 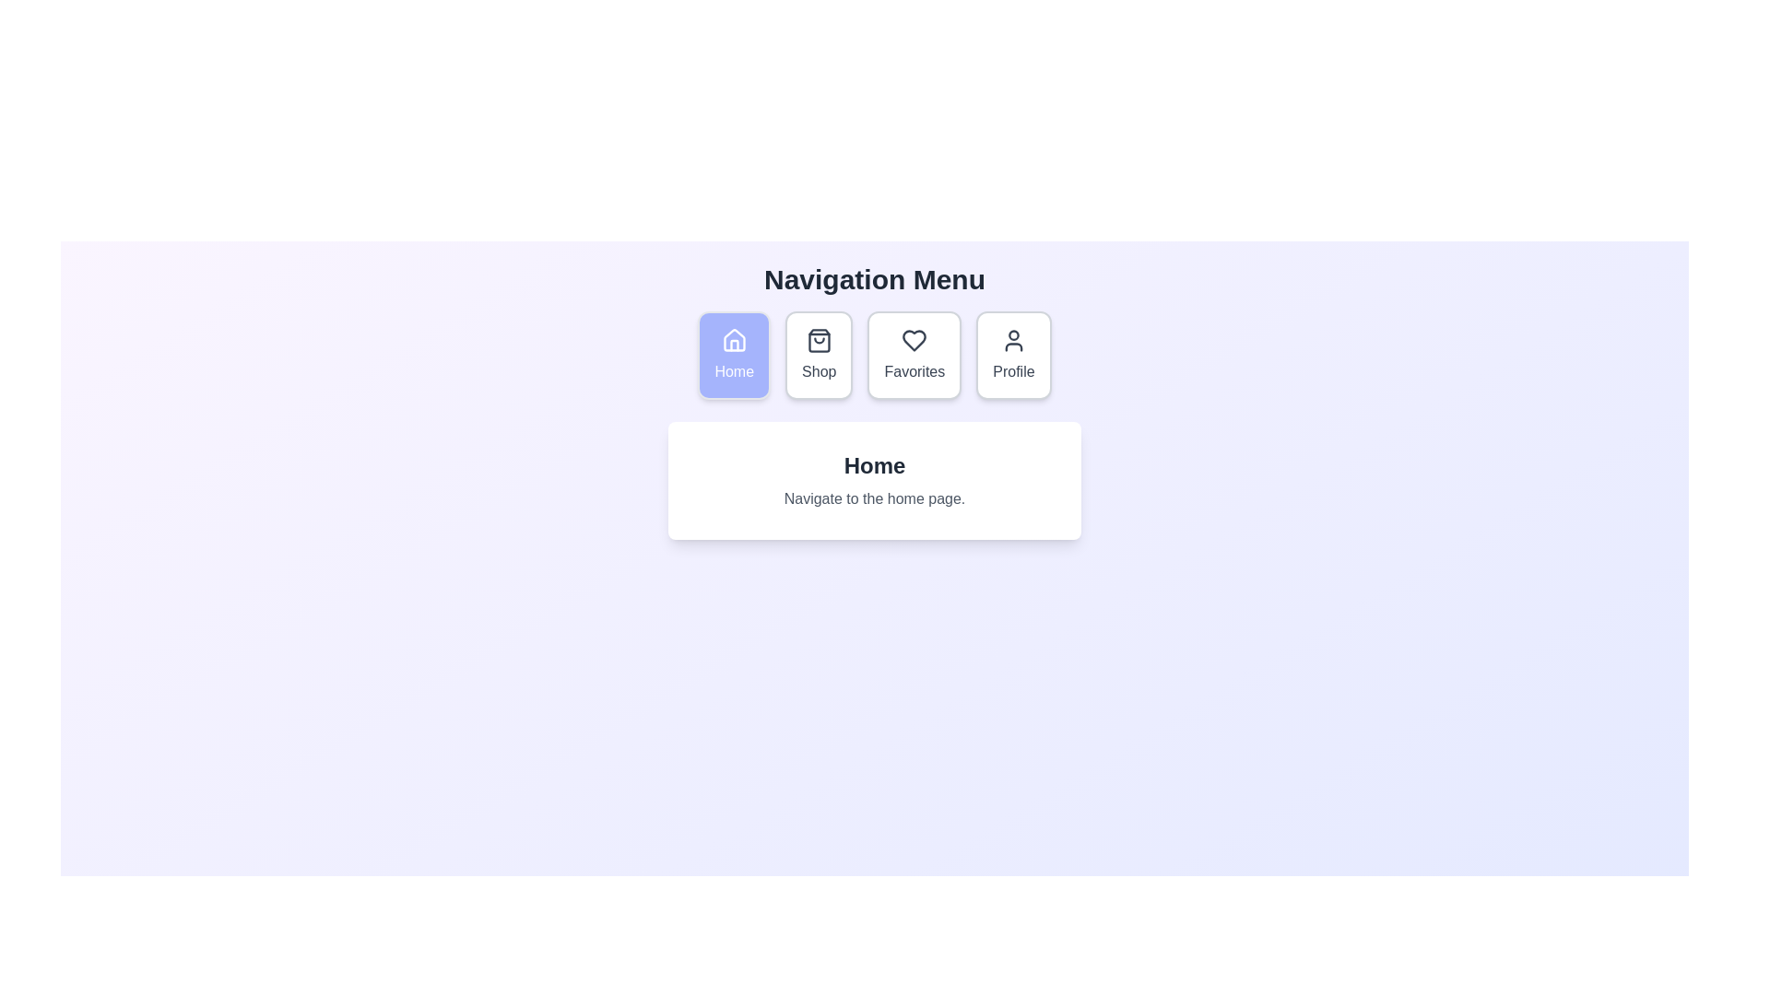 I want to click on the 'Home' button, which is a rectangular button with a light indigo background and white text, located at the leftmost side of the navigation menu, so click(x=733, y=355).